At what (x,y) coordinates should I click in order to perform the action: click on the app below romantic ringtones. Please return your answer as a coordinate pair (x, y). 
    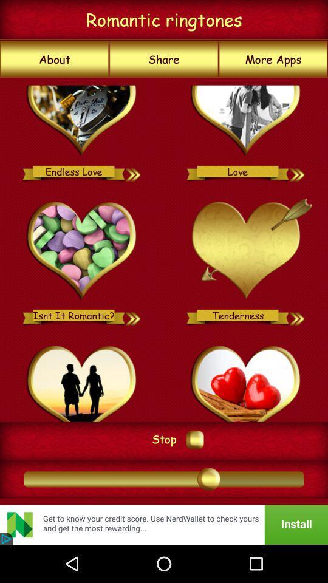
    Looking at the image, I should click on (273, 59).